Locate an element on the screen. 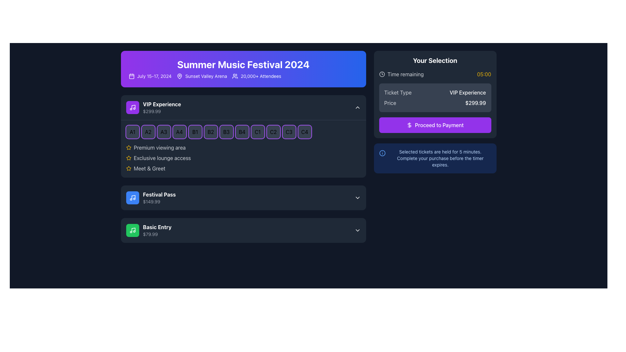 This screenshot has width=626, height=352. Text Block with icons displaying key event details for the 'Summer Music Festival 2024', located just below the title text is located at coordinates (243, 76).